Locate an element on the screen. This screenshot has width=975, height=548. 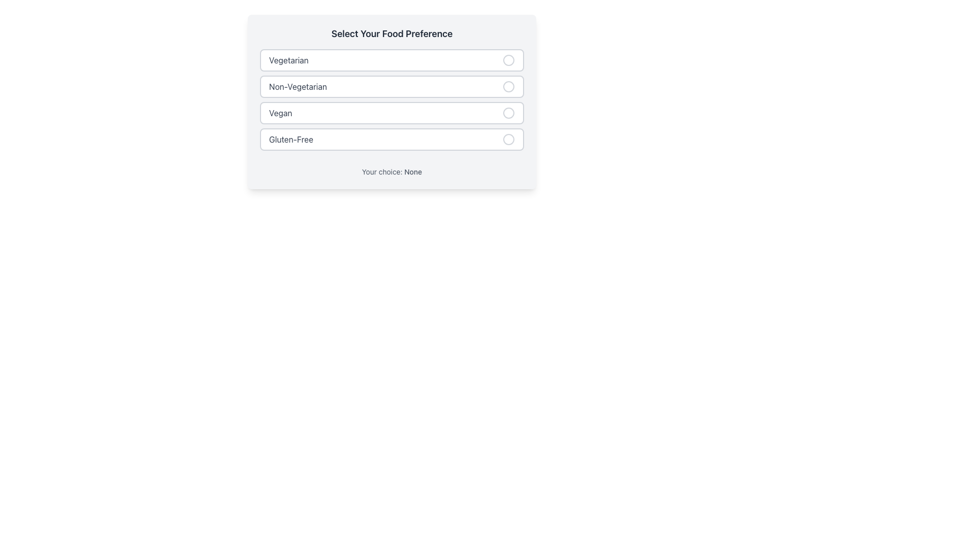
the inactive radio button for 'Vegetarian' to indicate interactive selection is located at coordinates (509, 60).